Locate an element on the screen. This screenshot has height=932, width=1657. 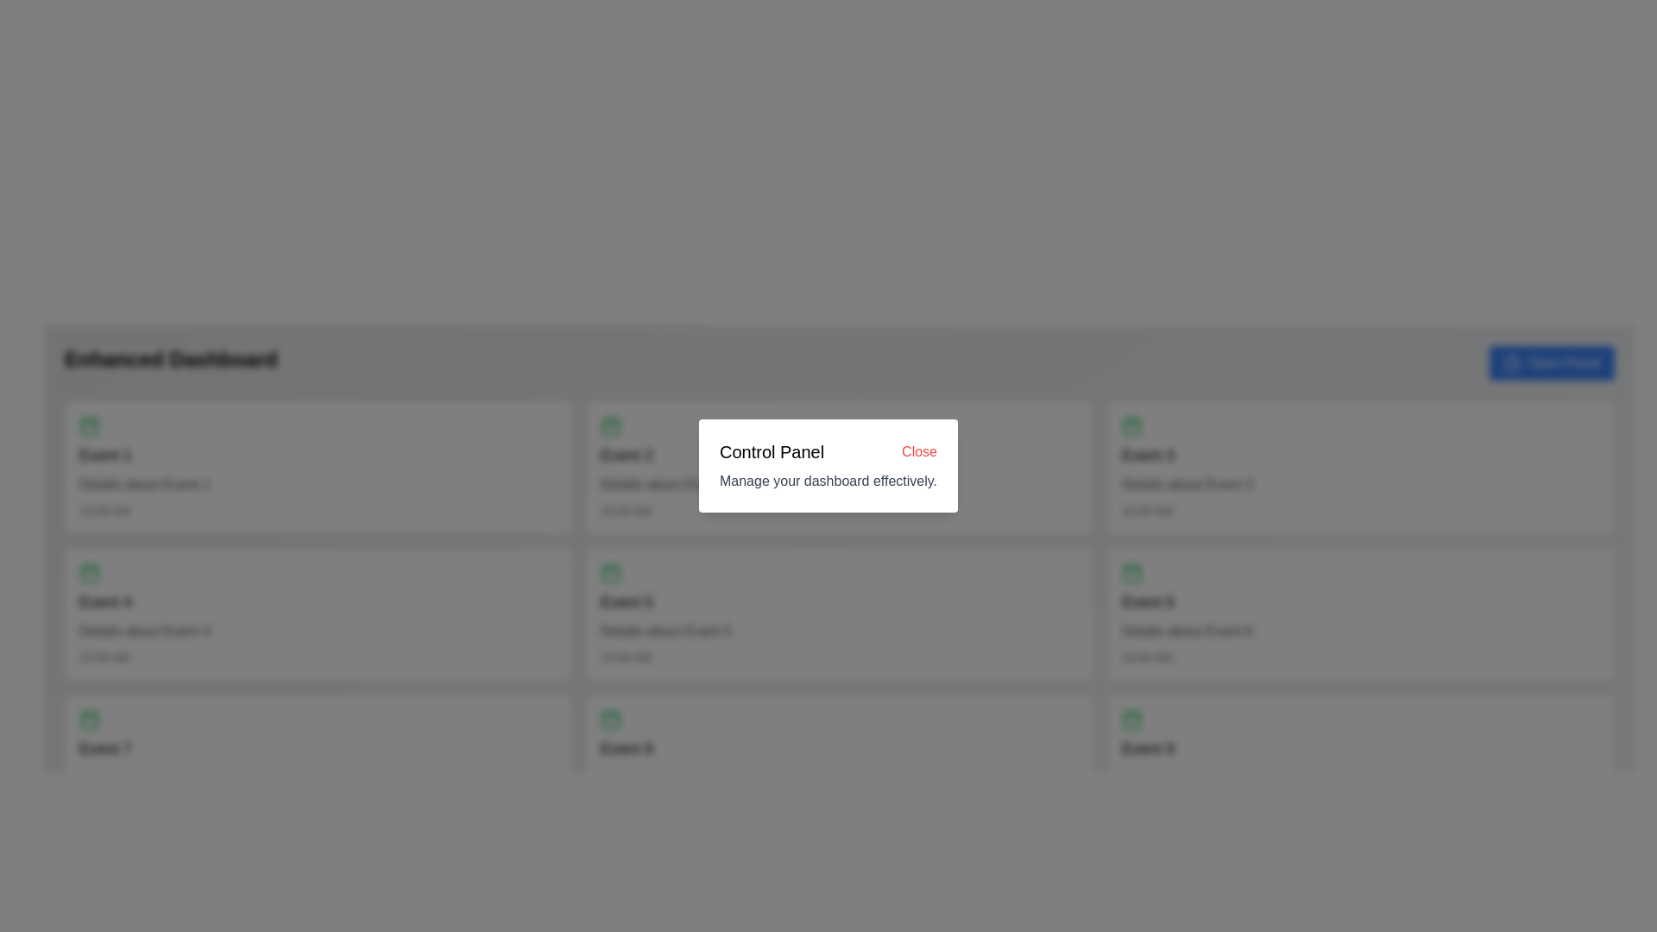
the Information Card that displays details about Event 3, located in the top-right corner of the grid layout is located at coordinates (1360, 468).